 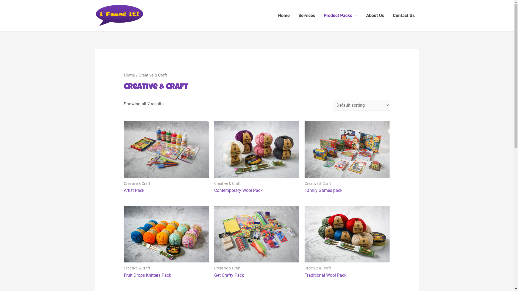 What do you see at coordinates (283, 15) in the screenshot?
I see `'Home'` at bounding box center [283, 15].